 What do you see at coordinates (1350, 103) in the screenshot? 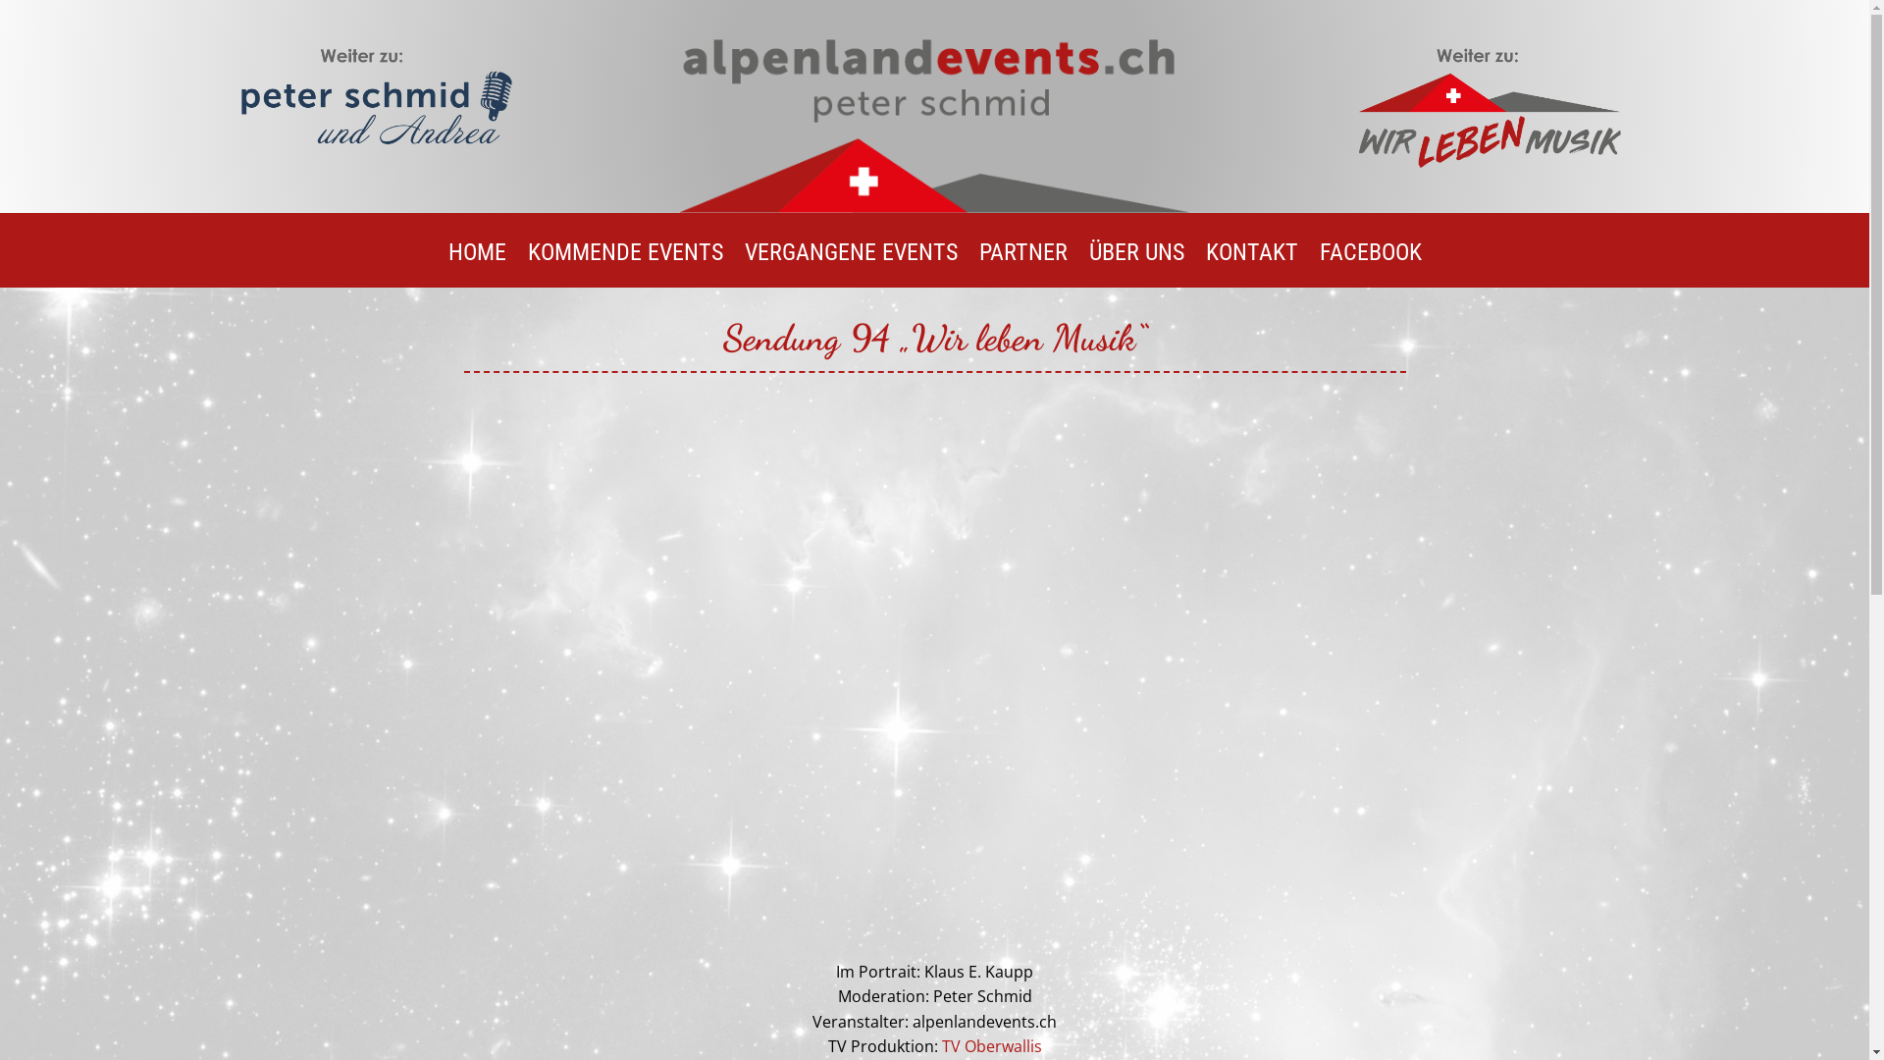
I see `'Wir leben musik weiter zu'` at bounding box center [1350, 103].